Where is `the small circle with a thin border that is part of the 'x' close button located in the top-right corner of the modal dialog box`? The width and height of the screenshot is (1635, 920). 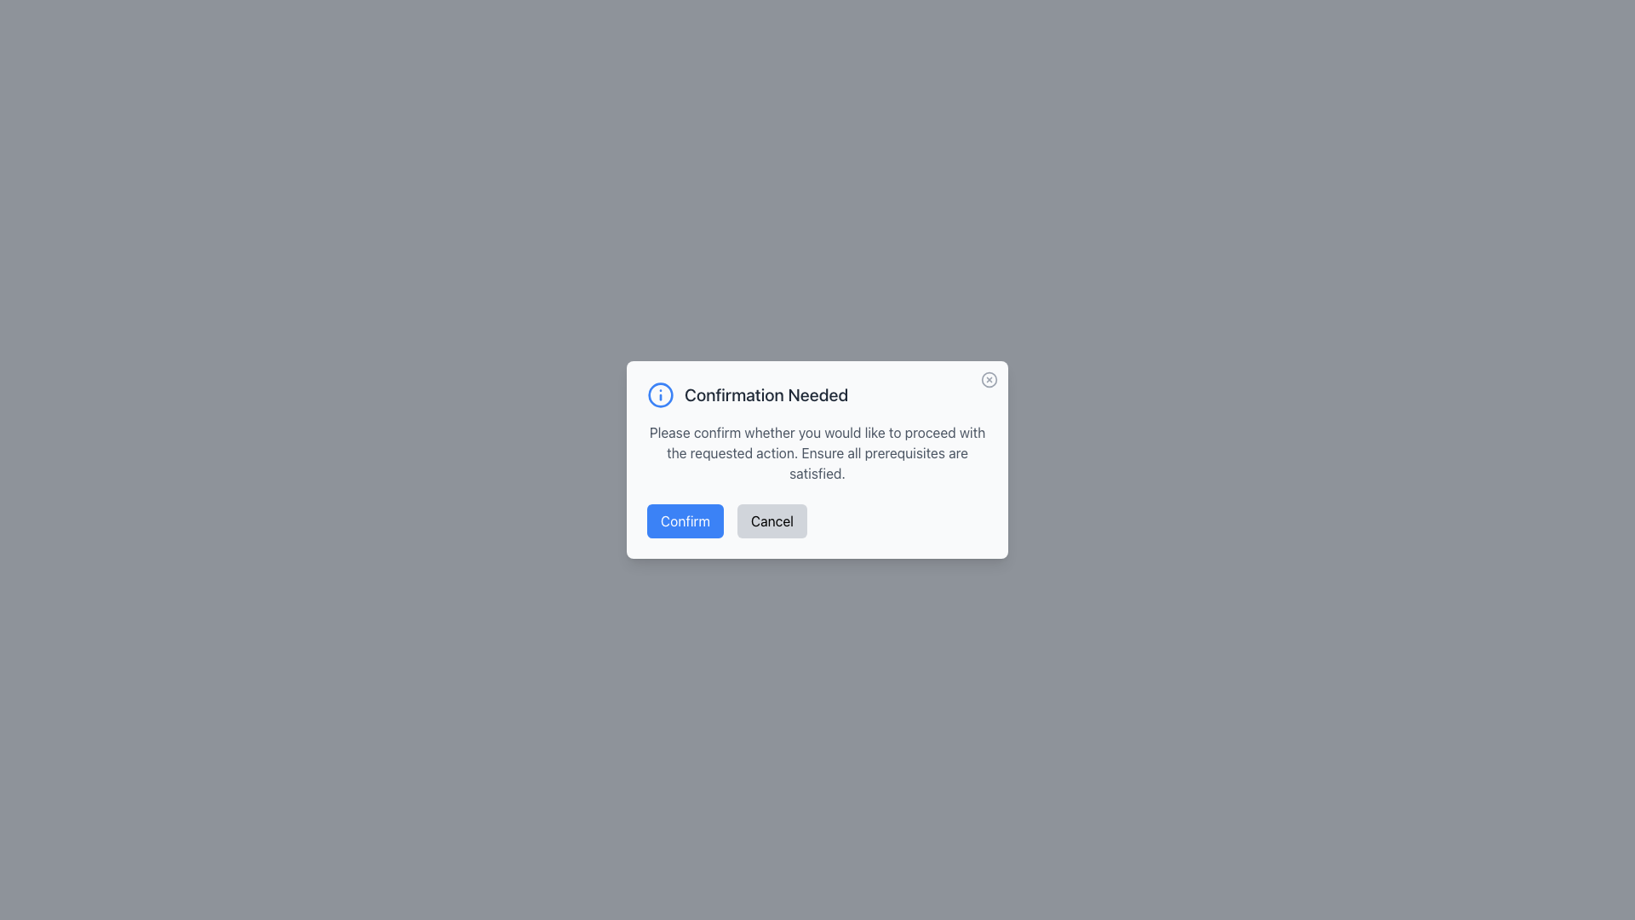 the small circle with a thin border that is part of the 'x' close button located in the top-right corner of the modal dialog box is located at coordinates (989, 379).